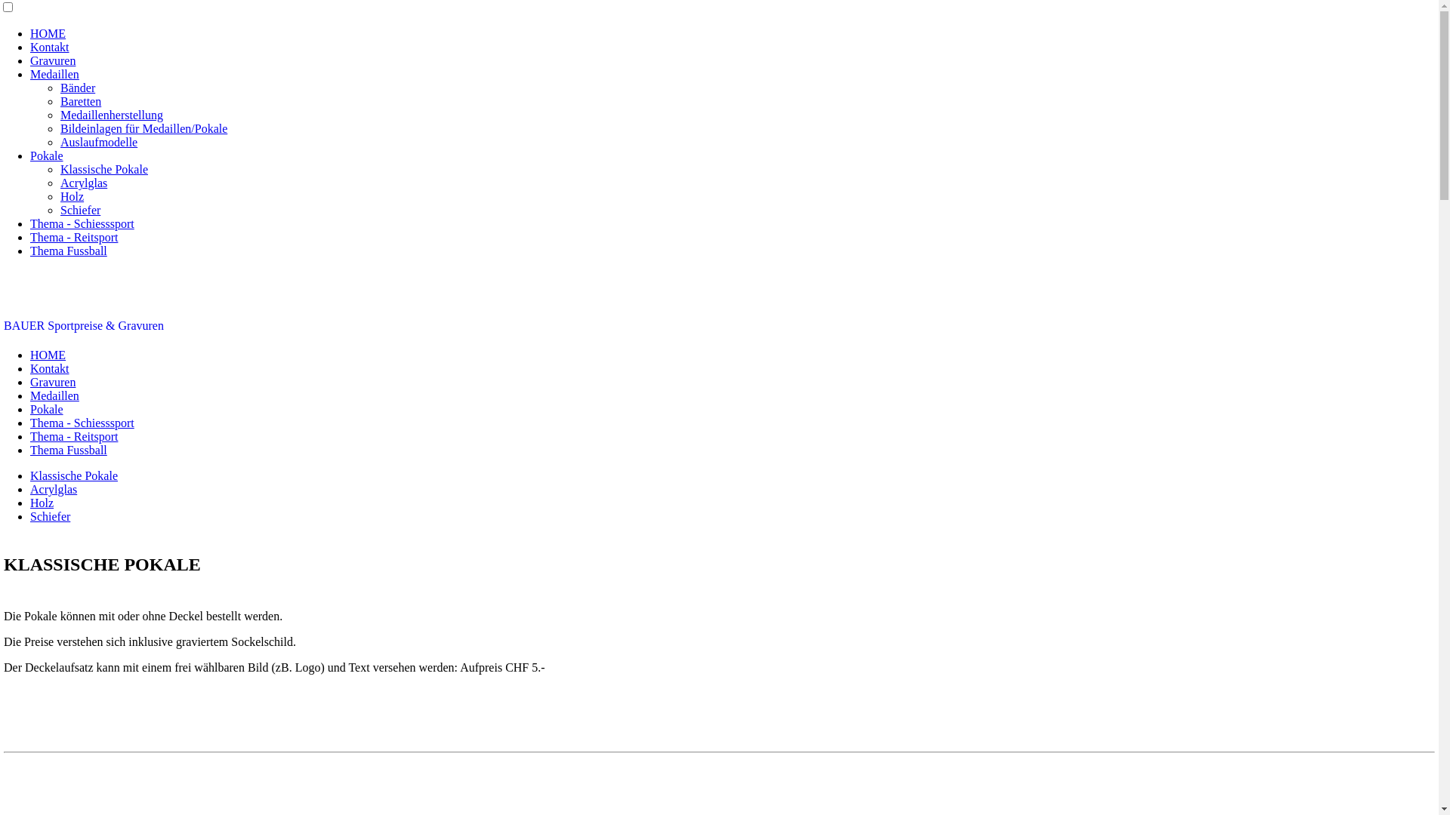  I want to click on 'Pokale', so click(29, 155).